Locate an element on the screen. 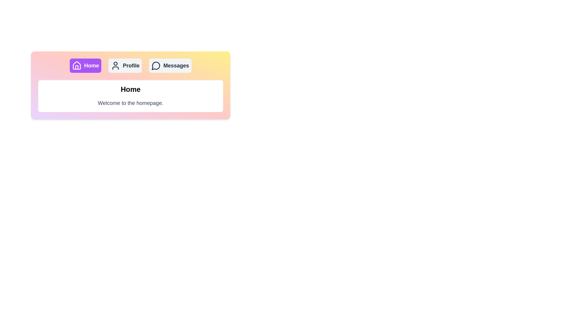 The height and width of the screenshot is (321, 572). the Profile tab by clicking its button is located at coordinates (125, 65).